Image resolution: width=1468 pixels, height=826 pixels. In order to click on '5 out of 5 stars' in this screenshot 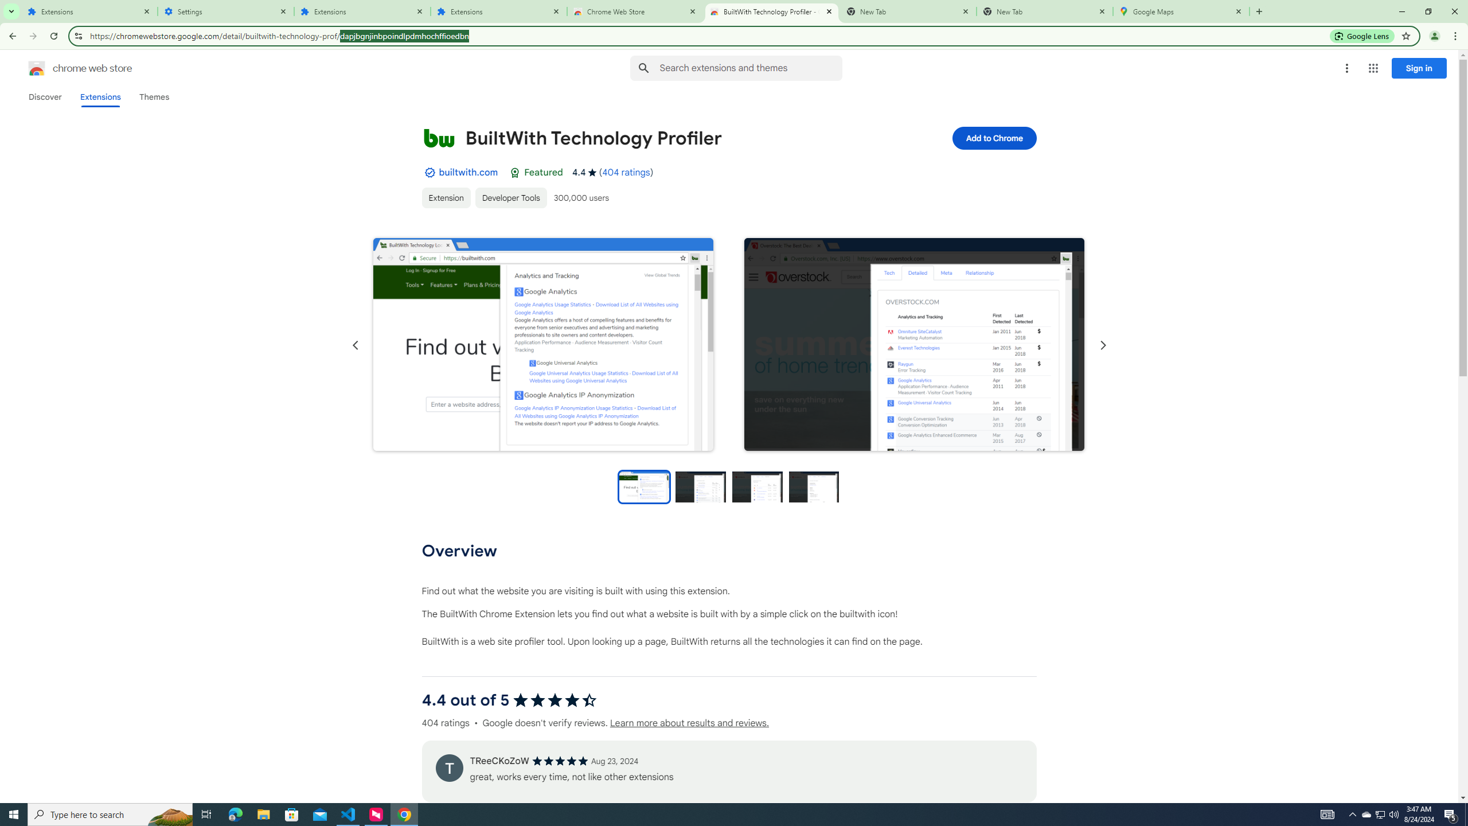, I will do `click(559, 760)`.